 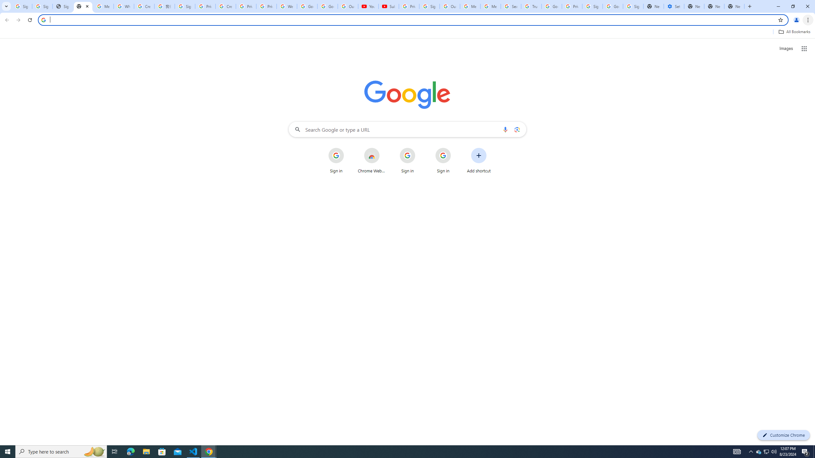 What do you see at coordinates (674, 6) in the screenshot?
I see `'Settings - Performance'` at bounding box center [674, 6].